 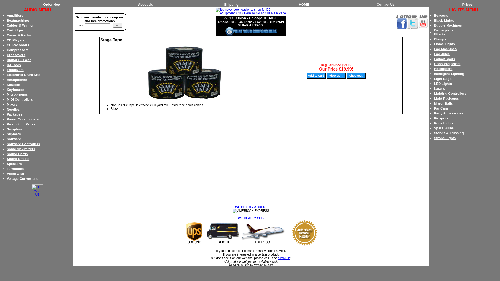 What do you see at coordinates (445, 138) in the screenshot?
I see `'Strobe Lights'` at bounding box center [445, 138].